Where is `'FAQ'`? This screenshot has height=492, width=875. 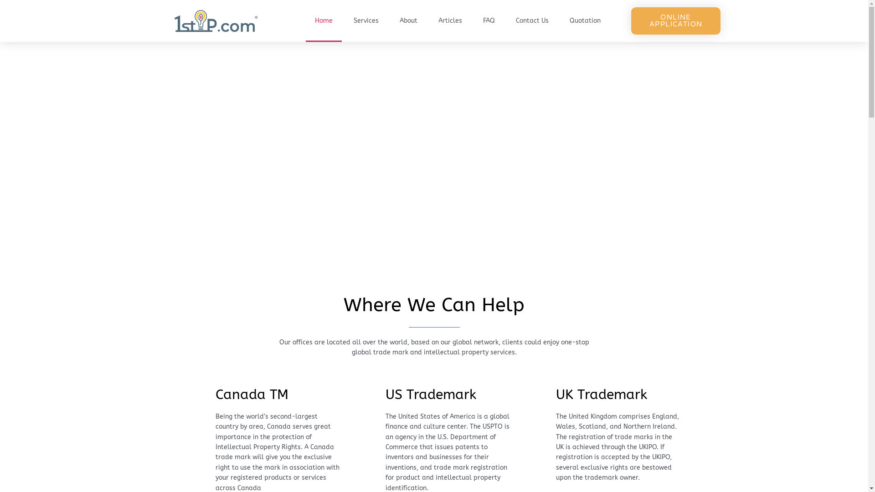
'FAQ' is located at coordinates (489, 20).